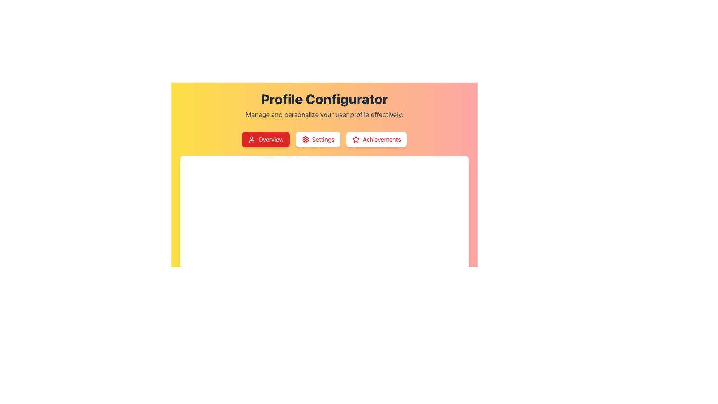 Image resolution: width=718 pixels, height=404 pixels. What do you see at coordinates (318, 140) in the screenshot?
I see `the 'Settings' button, which is located in the middle of a horizontal group of buttons, to trigger hover effects` at bounding box center [318, 140].